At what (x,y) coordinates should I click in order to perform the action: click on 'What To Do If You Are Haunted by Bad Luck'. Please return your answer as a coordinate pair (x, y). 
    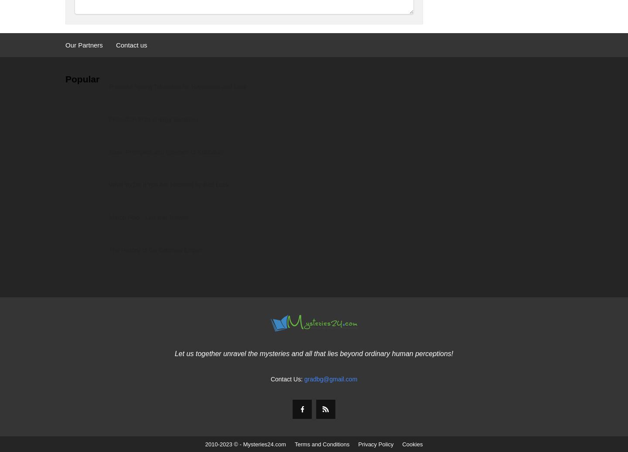
    Looking at the image, I should click on (168, 184).